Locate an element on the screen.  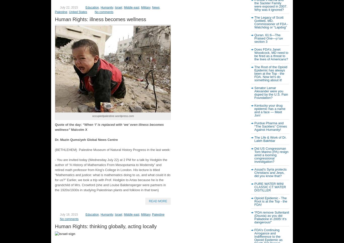
'PURE WATER MINI CLASSIC CT WATER DISTILLER' is located at coordinates (270, 187).